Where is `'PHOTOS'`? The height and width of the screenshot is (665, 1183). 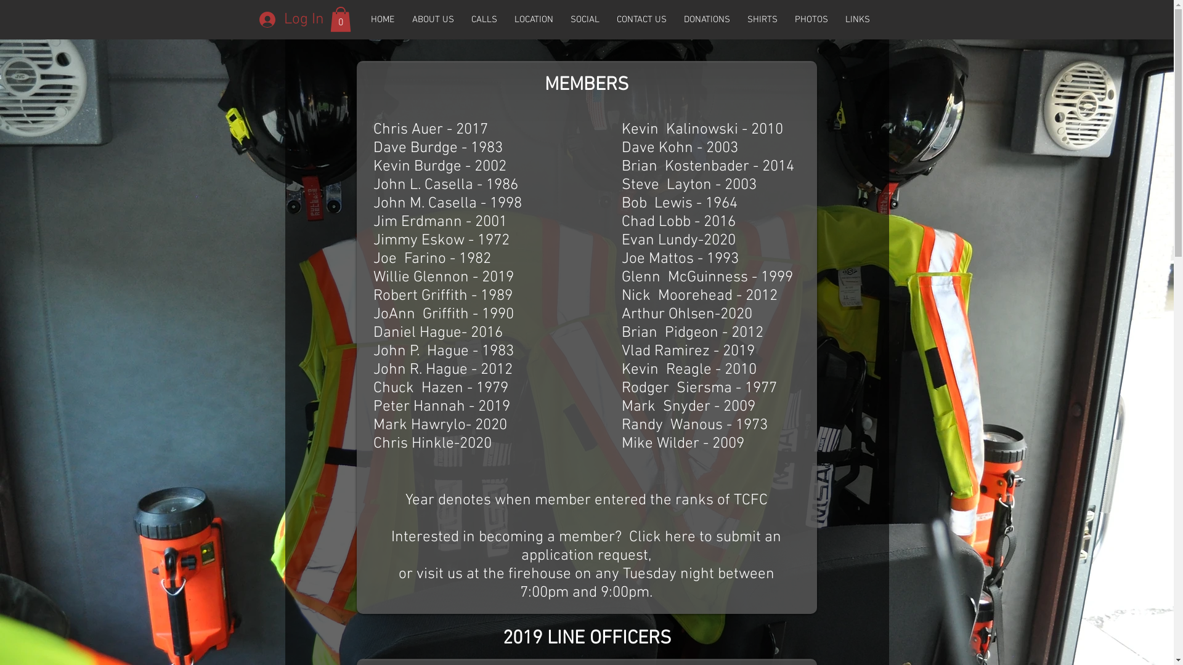 'PHOTOS' is located at coordinates (811, 19).